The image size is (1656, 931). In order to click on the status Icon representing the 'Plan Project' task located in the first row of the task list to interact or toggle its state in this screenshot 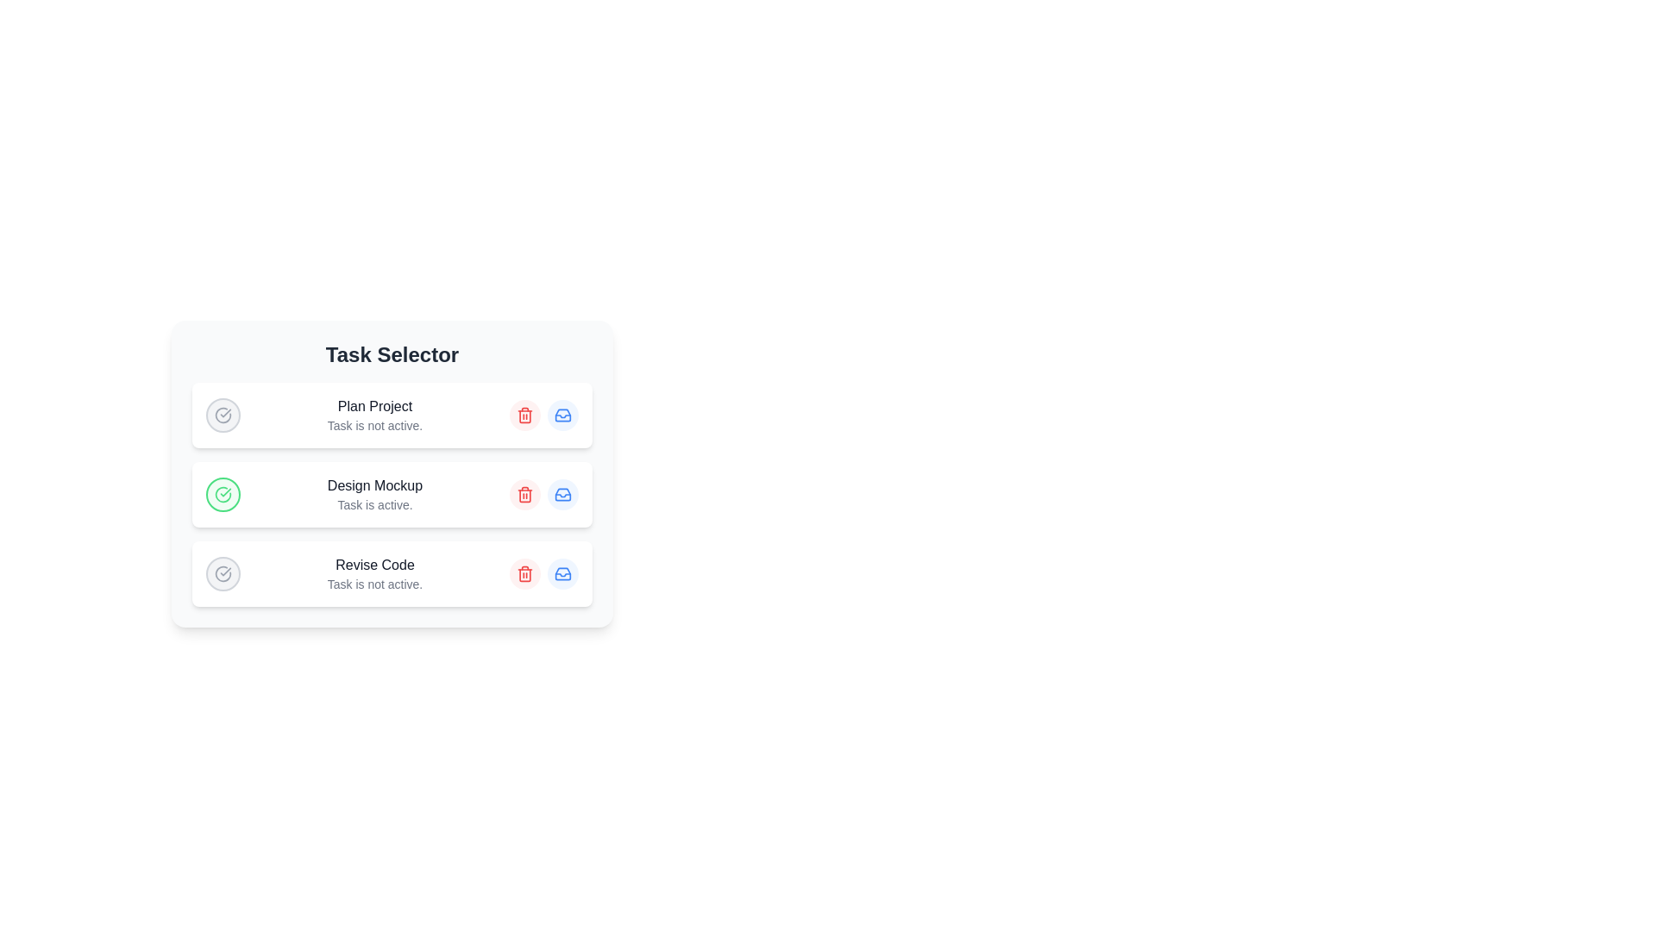, I will do `click(223, 416)`.